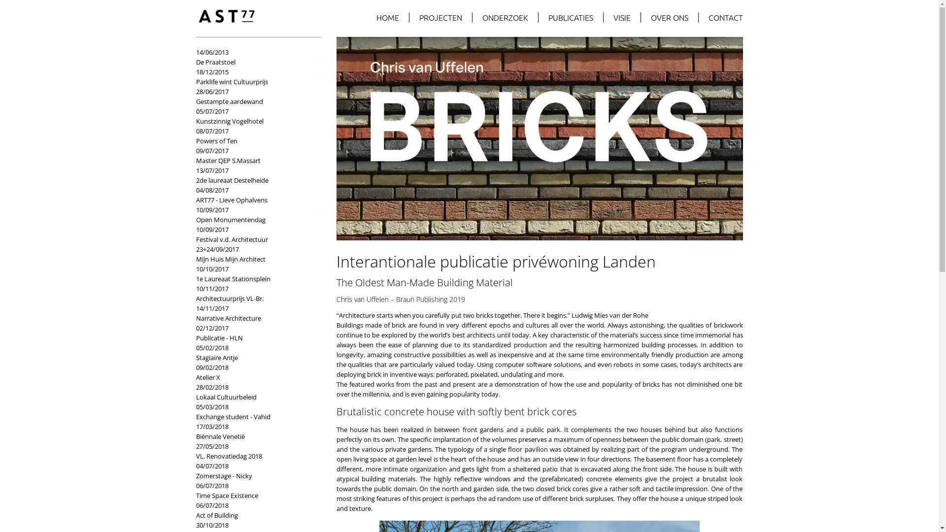 This screenshot has width=946, height=532. Describe the element at coordinates (254, 195) in the screenshot. I see `'04/08/2017` at that location.